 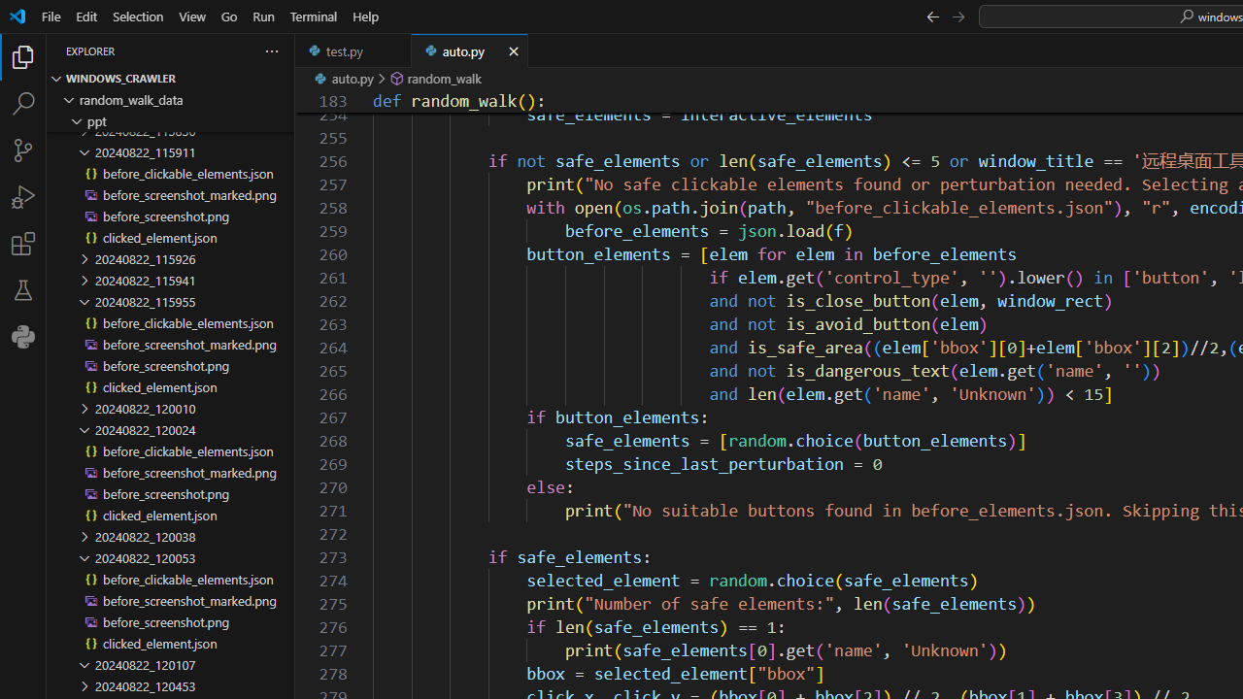 What do you see at coordinates (23, 290) in the screenshot?
I see `'Testing'` at bounding box center [23, 290].